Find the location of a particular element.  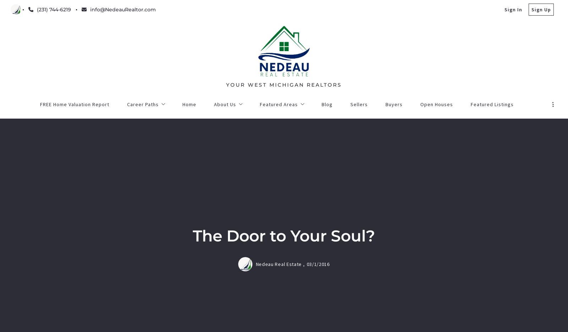

'Search More Listings' is located at coordinates (439, 151).